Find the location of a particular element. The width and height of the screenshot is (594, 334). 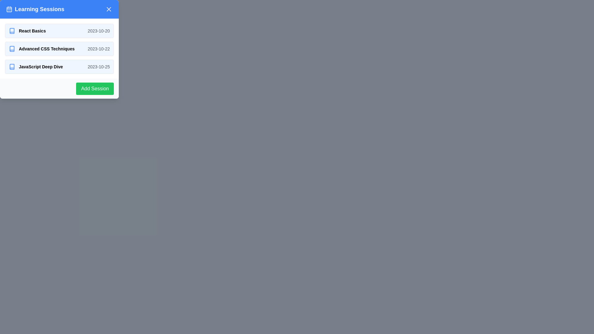

the Text label indicating the scheduled date for the session titled 'React Basics' is located at coordinates (98, 31).